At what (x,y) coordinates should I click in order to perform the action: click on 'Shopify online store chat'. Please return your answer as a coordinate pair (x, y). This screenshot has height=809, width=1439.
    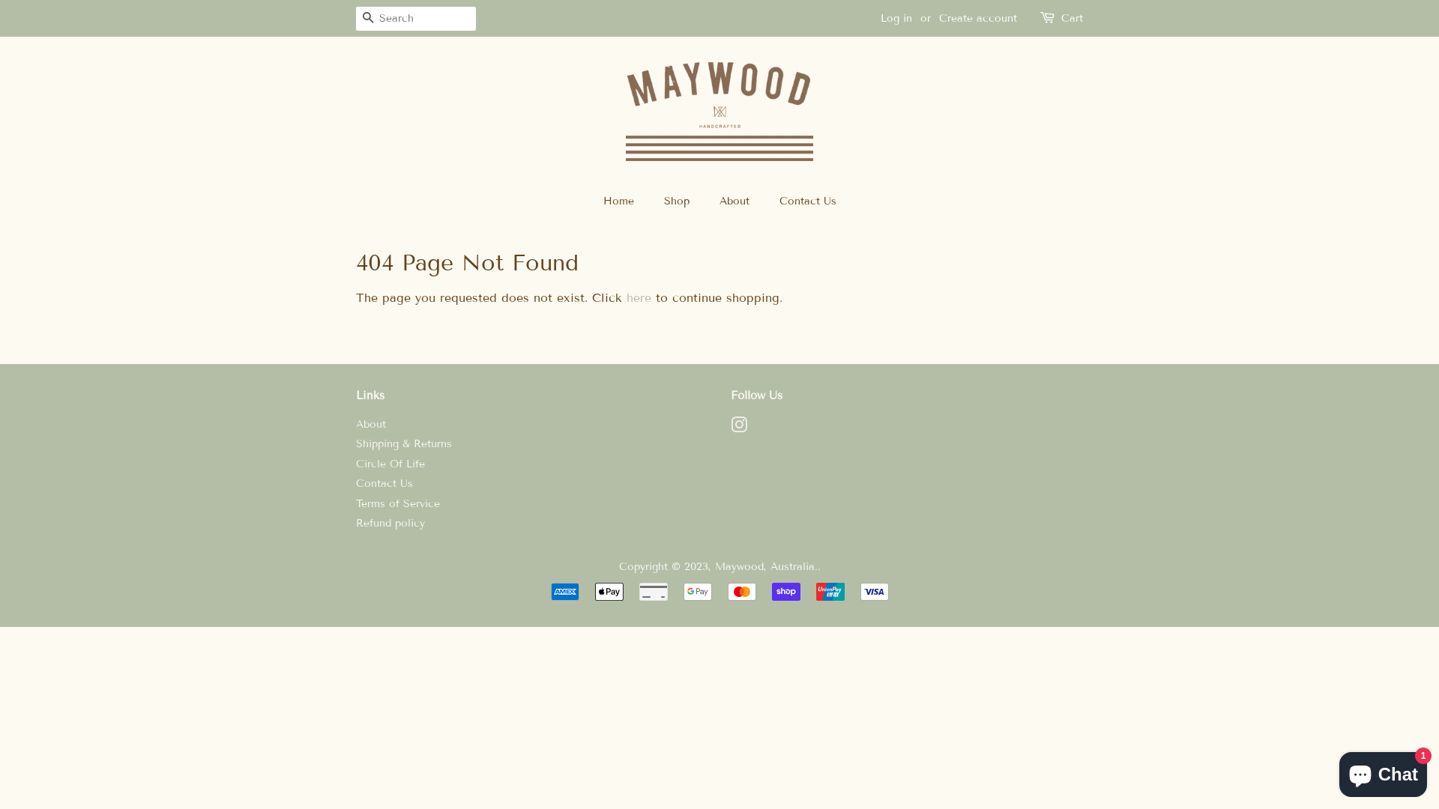
    Looking at the image, I should click on (1382, 771).